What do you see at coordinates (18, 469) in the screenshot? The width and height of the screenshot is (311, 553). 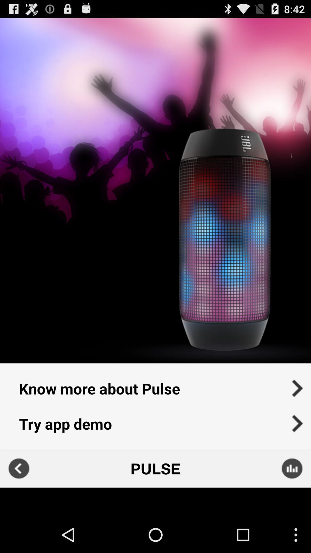 I see `go back` at bounding box center [18, 469].